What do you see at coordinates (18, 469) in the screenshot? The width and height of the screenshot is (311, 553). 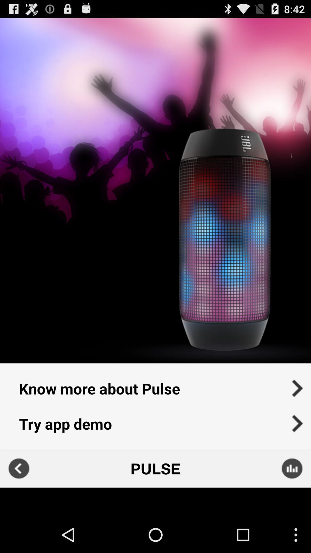 I see `go back` at bounding box center [18, 469].